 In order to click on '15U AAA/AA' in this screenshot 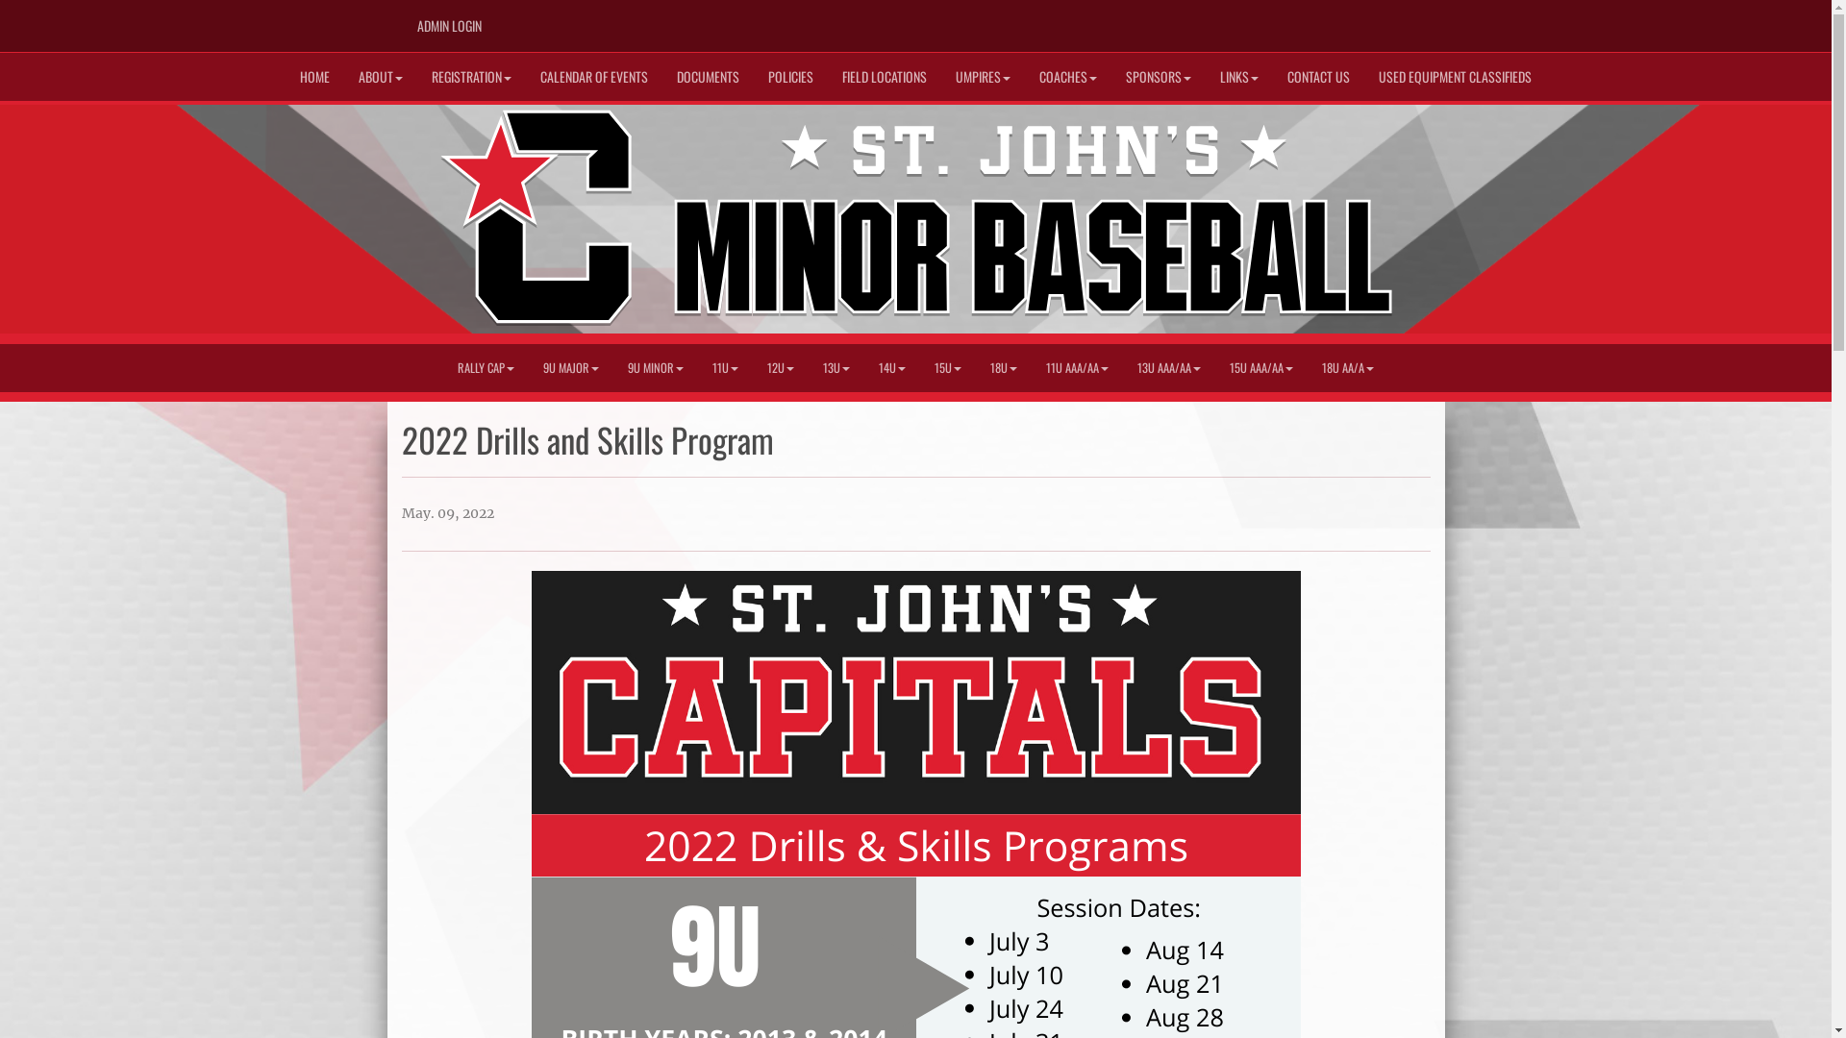, I will do `click(1260, 367)`.